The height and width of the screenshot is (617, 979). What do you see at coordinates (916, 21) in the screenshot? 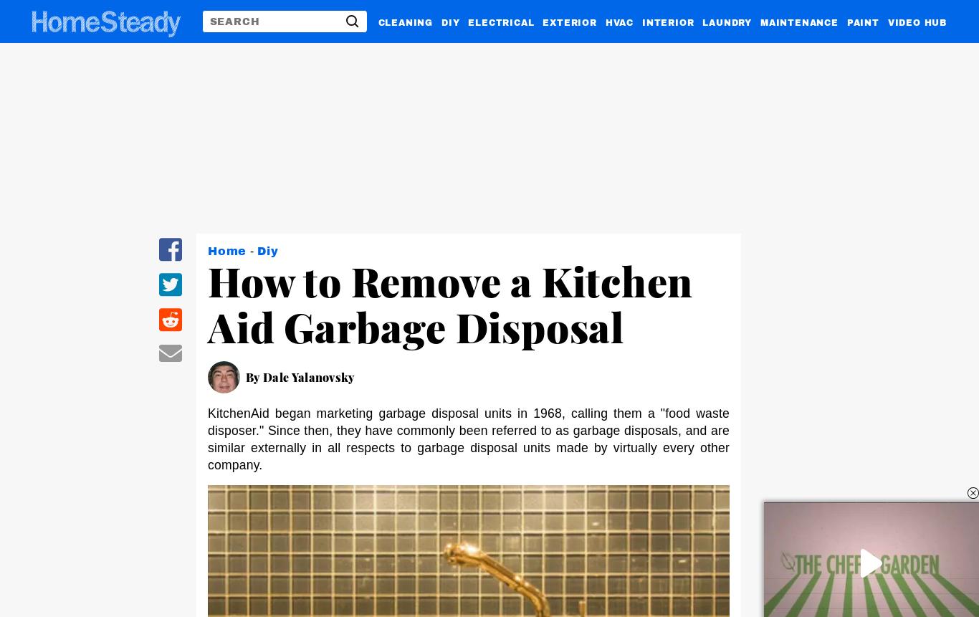
I see `'VIDEO HUB'` at bounding box center [916, 21].